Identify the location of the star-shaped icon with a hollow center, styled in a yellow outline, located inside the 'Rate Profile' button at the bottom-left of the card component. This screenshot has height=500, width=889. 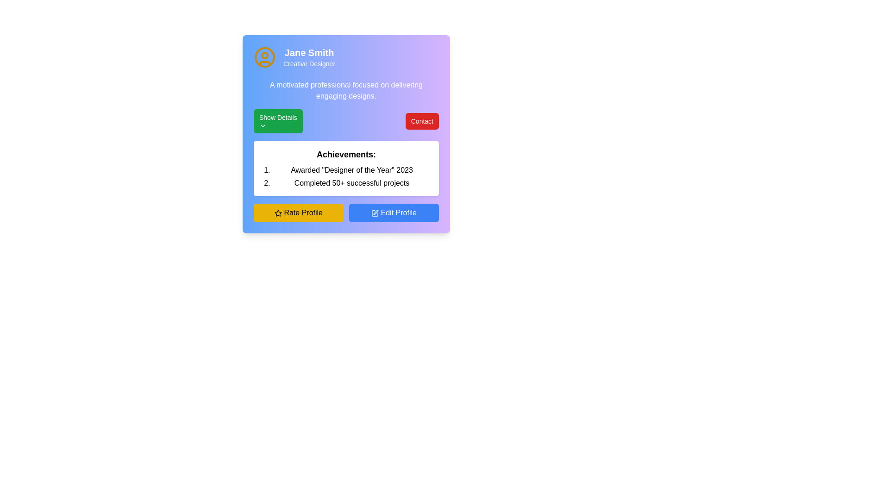
(277, 213).